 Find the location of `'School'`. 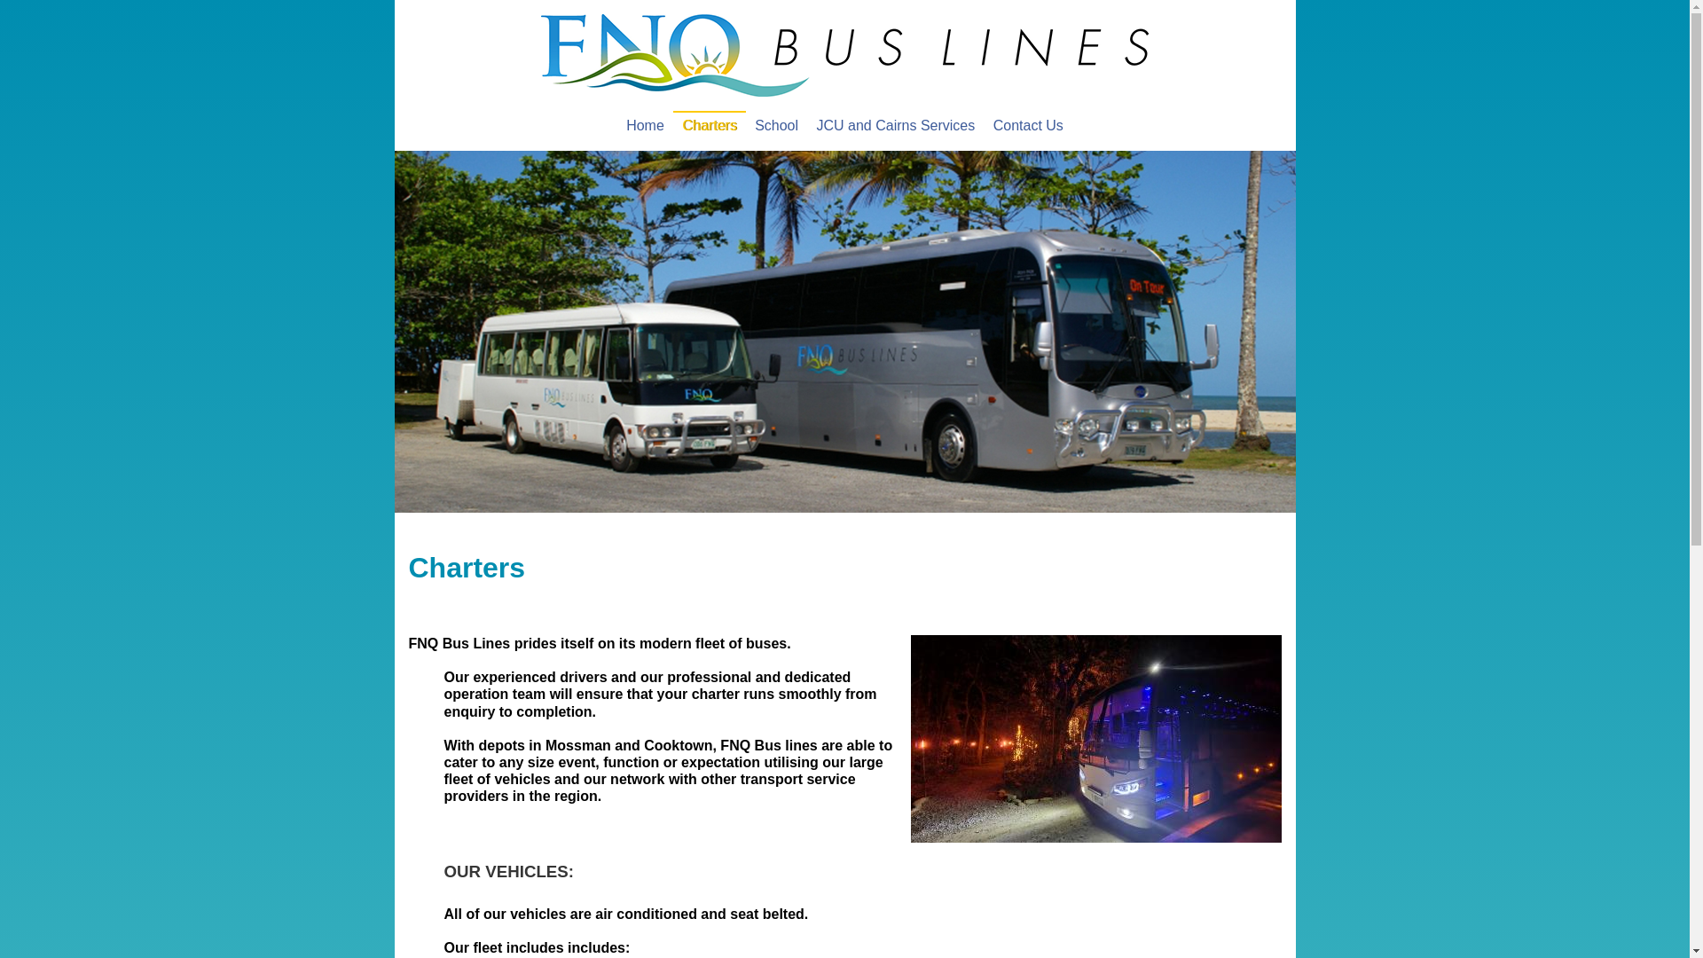

'School' is located at coordinates (776, 125).